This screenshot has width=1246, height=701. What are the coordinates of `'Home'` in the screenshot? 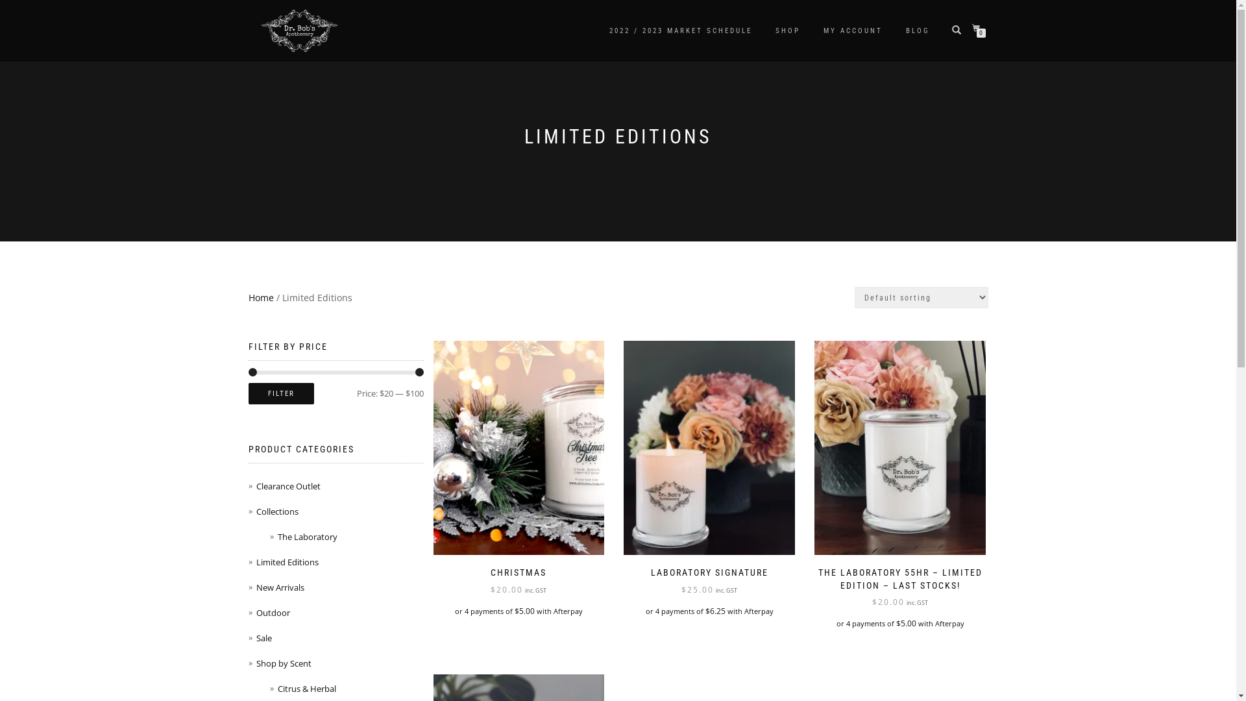 It's located at (260, 297).